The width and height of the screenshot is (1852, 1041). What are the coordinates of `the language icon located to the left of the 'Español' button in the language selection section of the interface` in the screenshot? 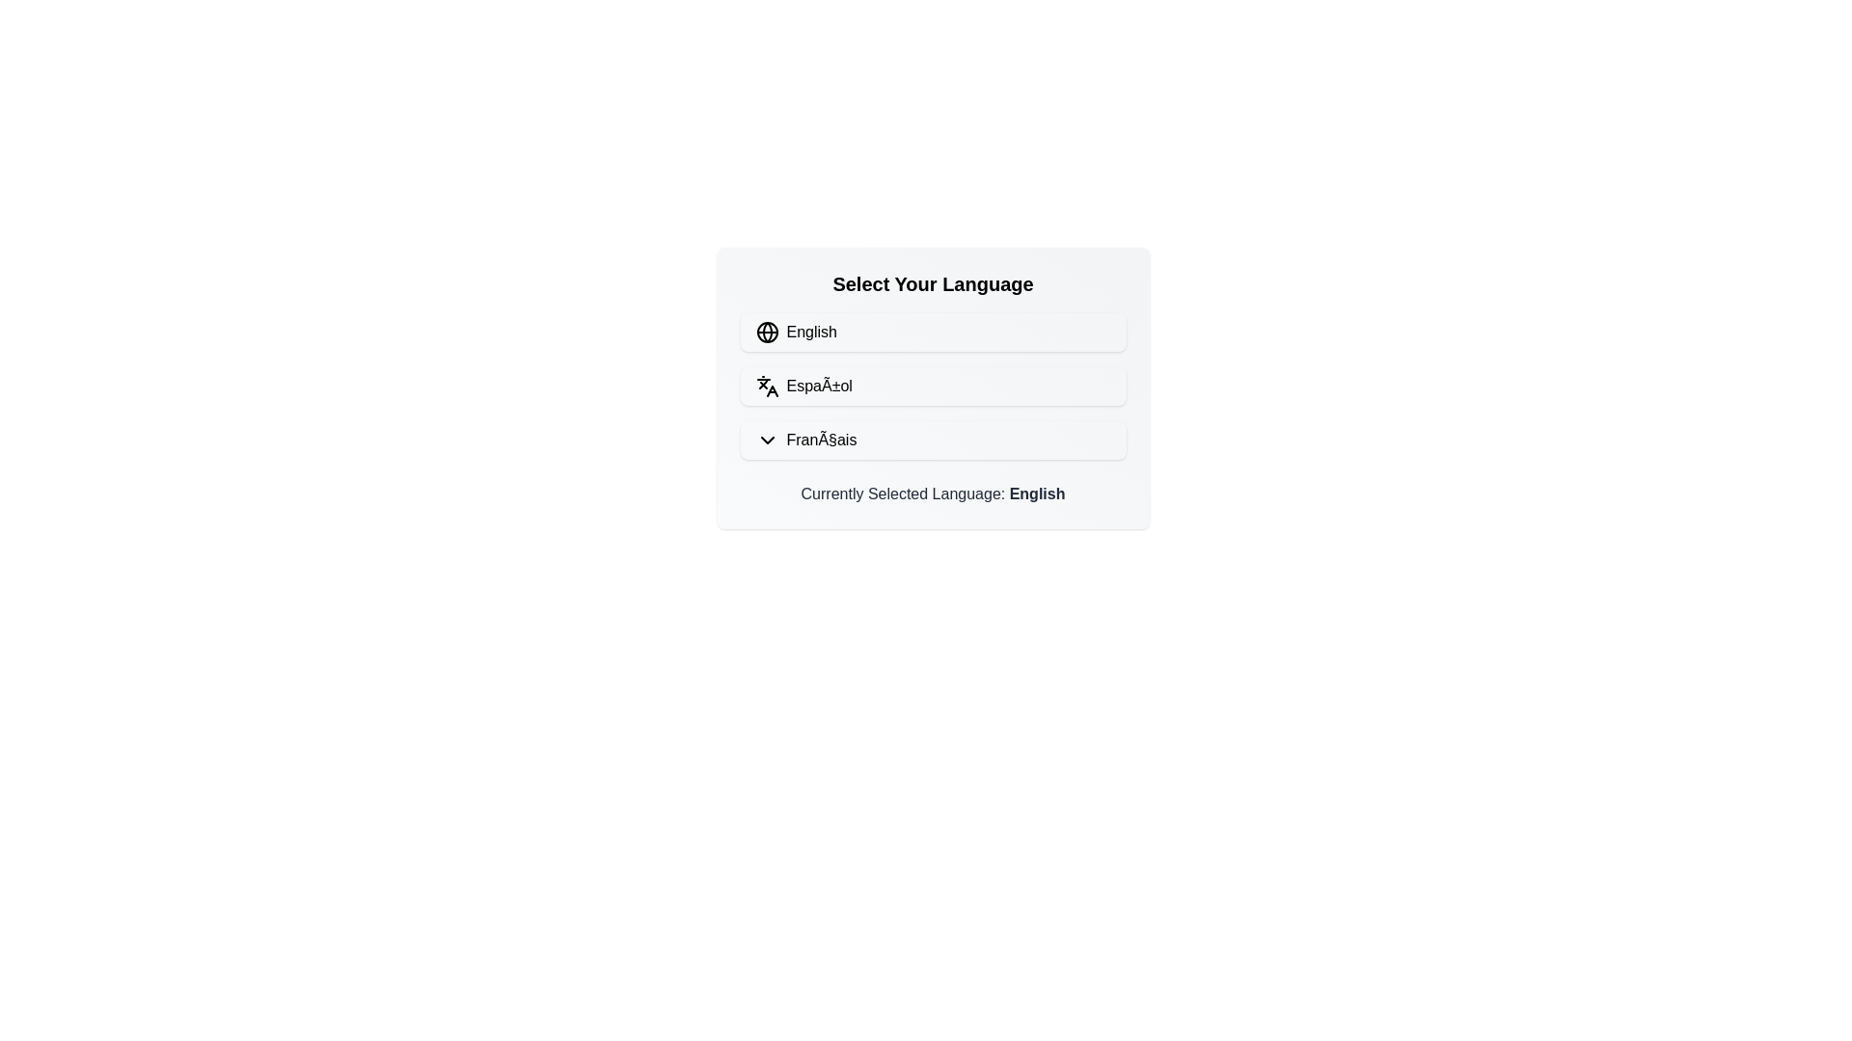 It's located at (766, 387).